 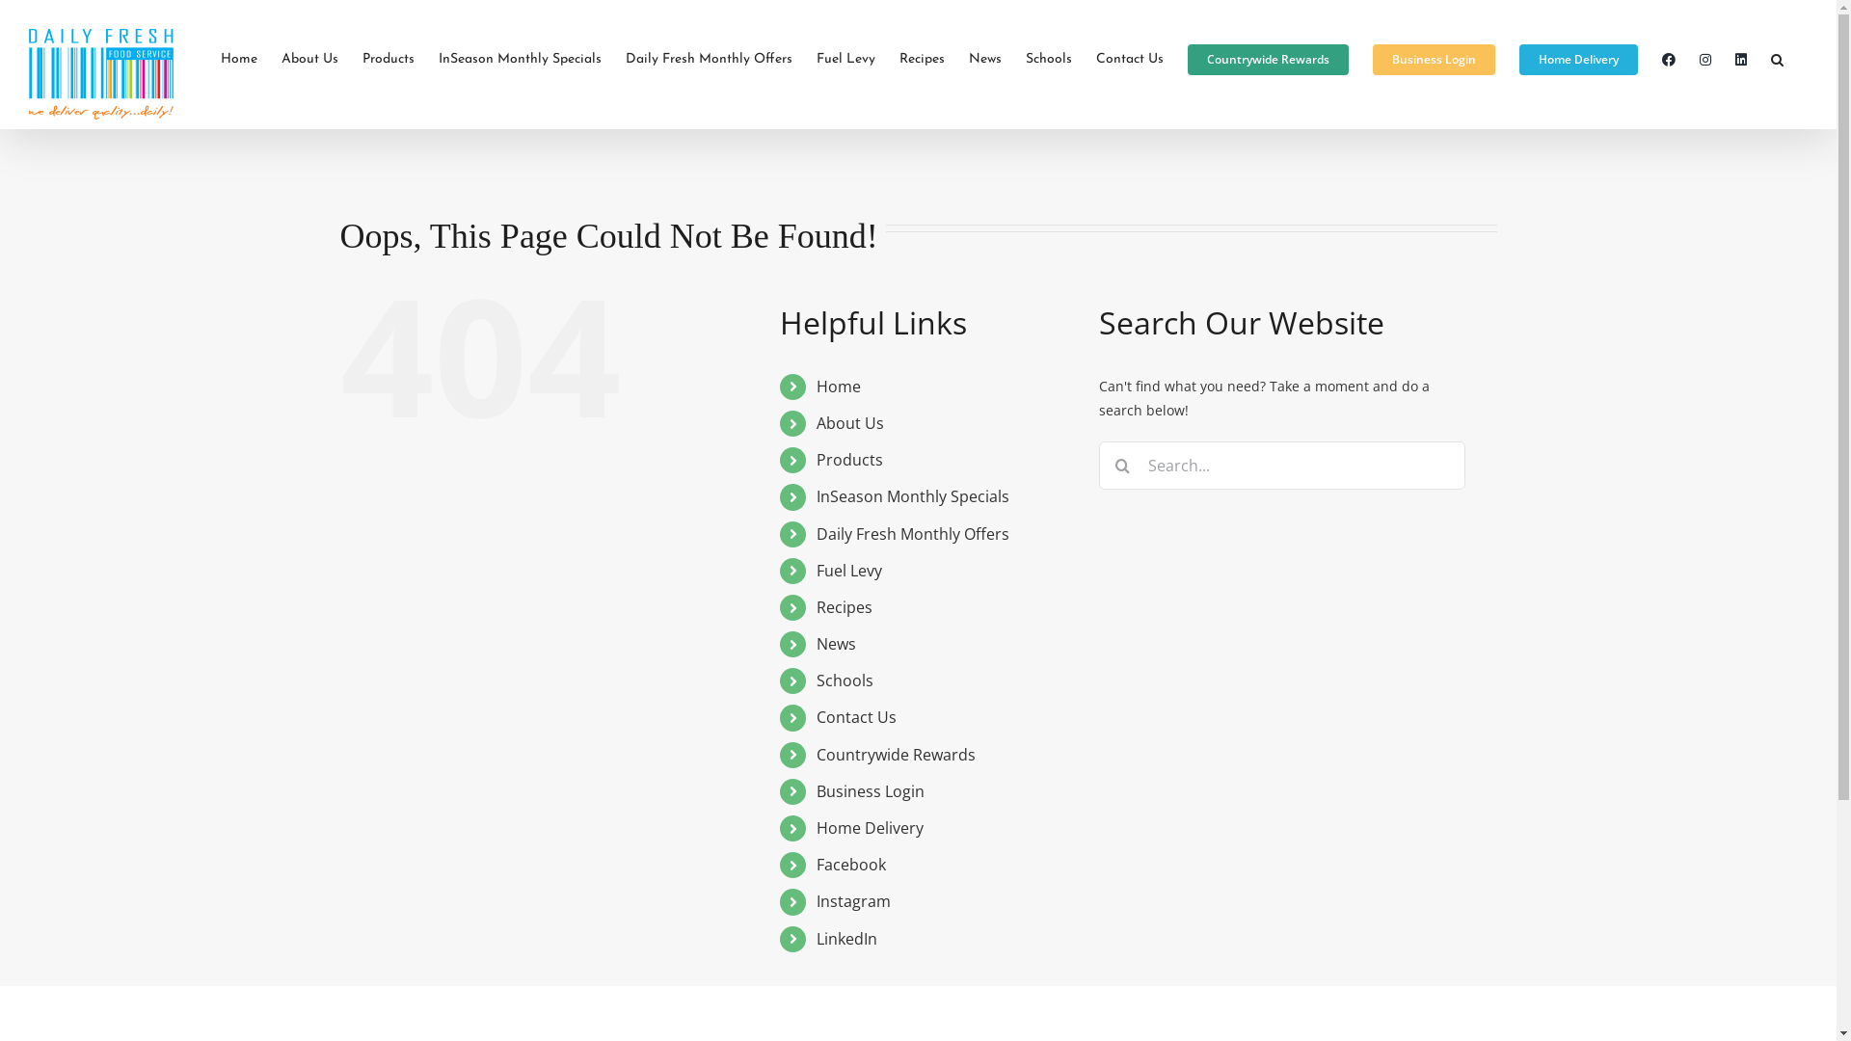 What do you see at coordinates (869, 791) in the screenshot?
I see `'Business Login'` at bounding box center [869, 791].